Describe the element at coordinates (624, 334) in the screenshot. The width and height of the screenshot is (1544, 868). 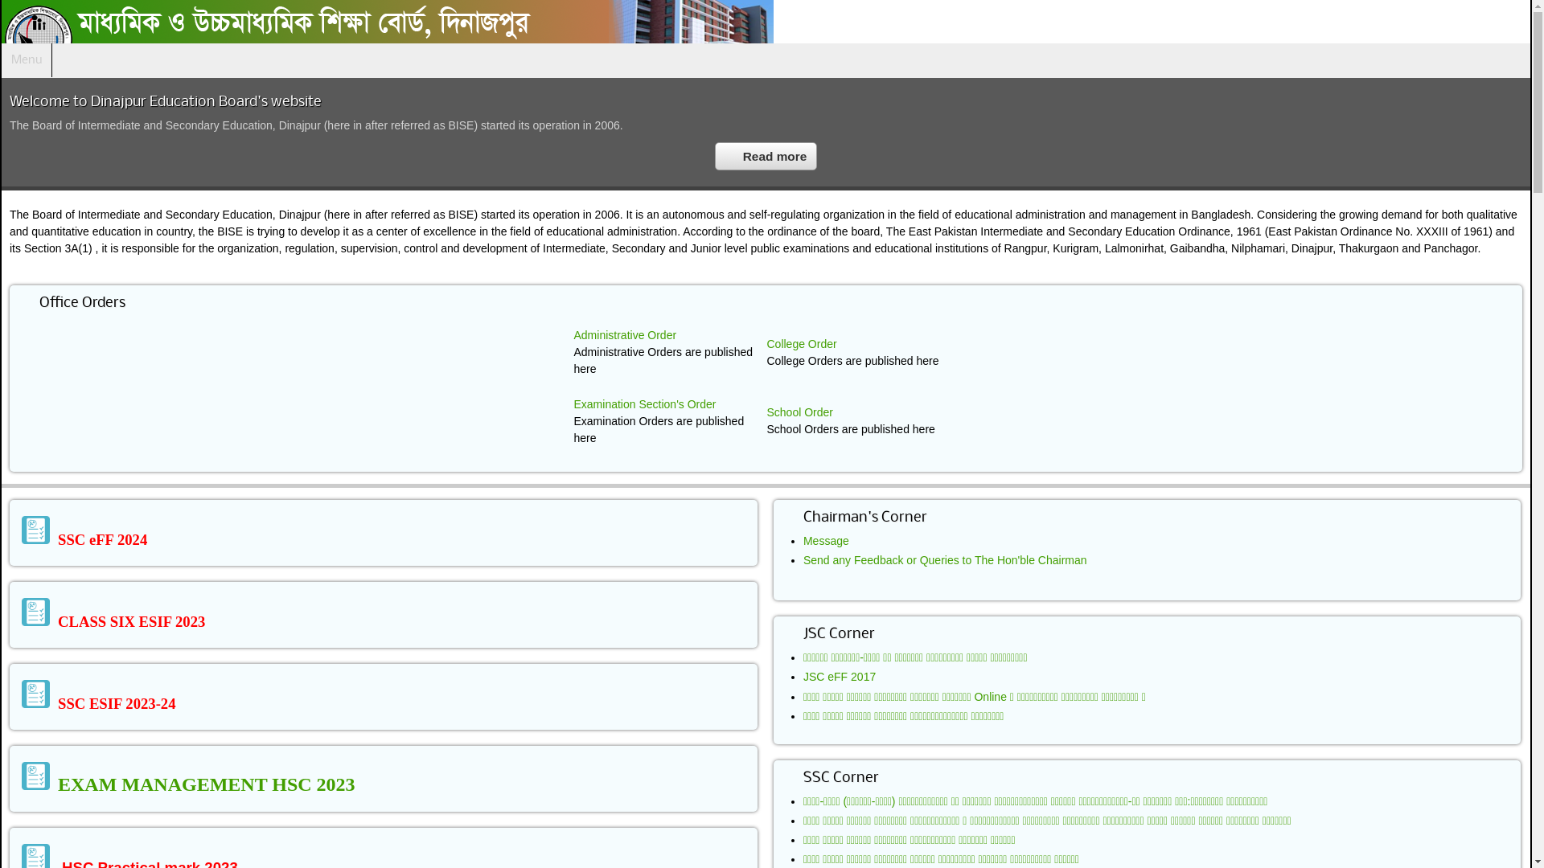
I see `'Administrative Order'` at that location.